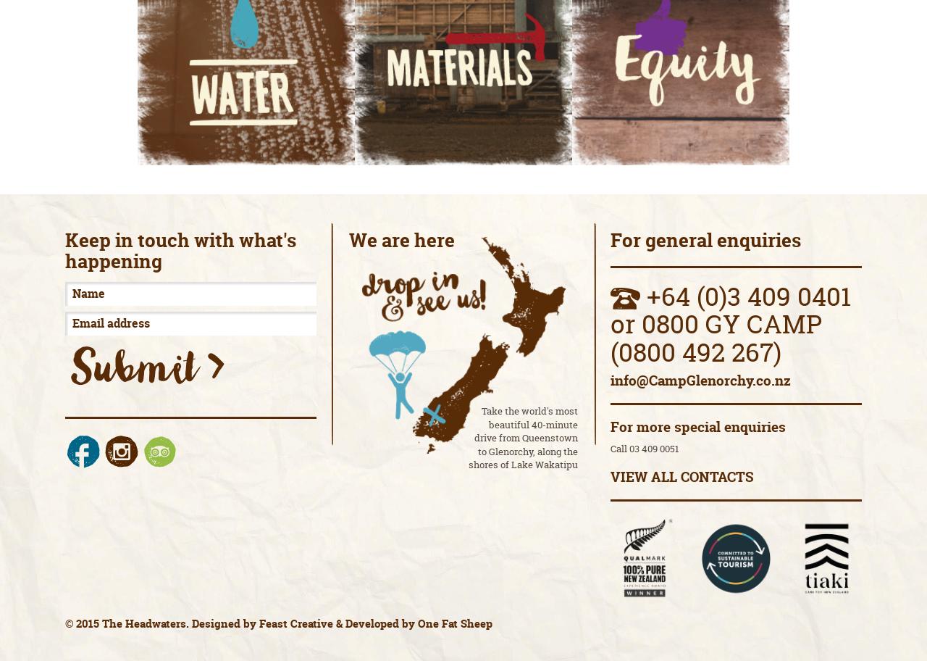 The width and height of the screenshot is (927, 661). I want to click on 'Feast Creative', so click(295, 623).